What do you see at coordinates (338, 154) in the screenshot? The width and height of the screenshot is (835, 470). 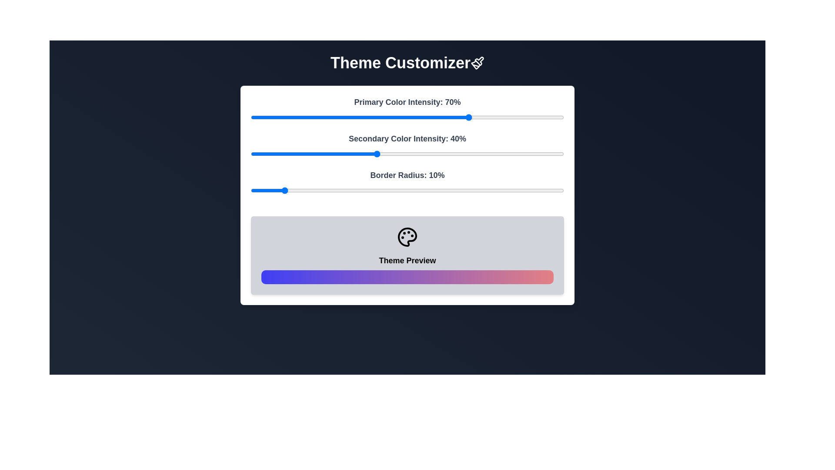 I see `the Secondary Color Intensity slider to 28%` at bounding box center [338, 154].